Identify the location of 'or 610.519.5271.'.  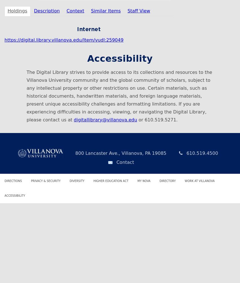
(157, 119).